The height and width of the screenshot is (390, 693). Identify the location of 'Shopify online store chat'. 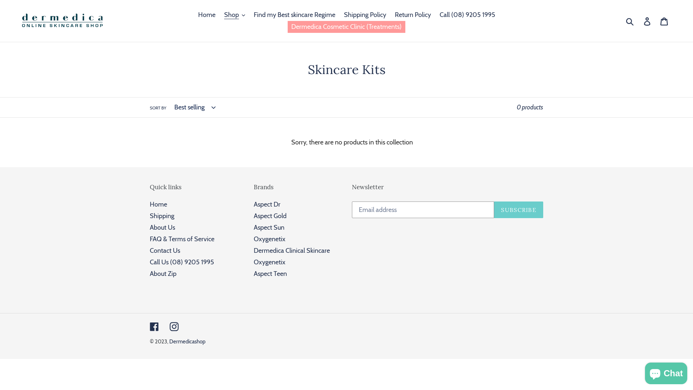
(666, 372).